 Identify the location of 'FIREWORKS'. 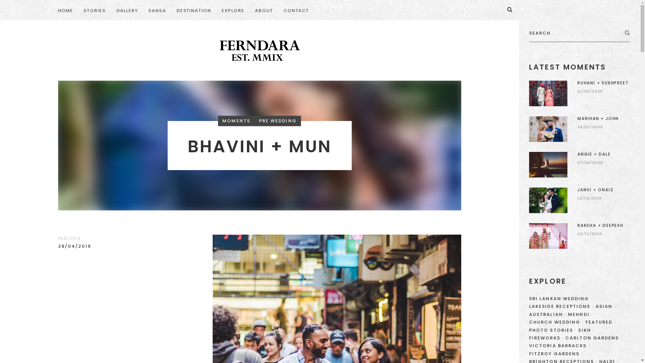
(546, 338).